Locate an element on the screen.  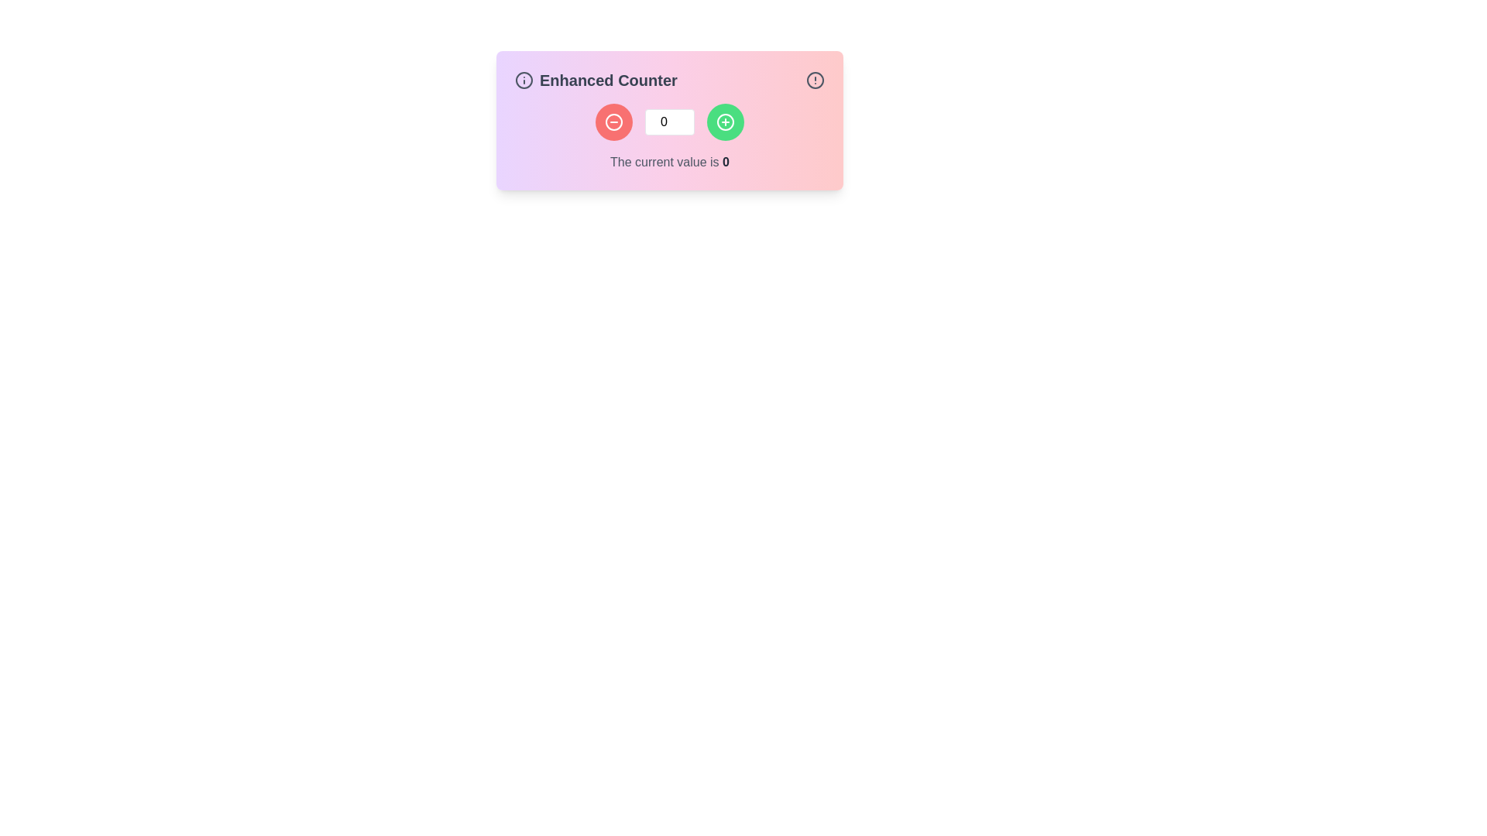
the gray circular information icon with an 'i' symbol located to the left of the text 'Enhanced Counter' is located at coordinates (524, 81).